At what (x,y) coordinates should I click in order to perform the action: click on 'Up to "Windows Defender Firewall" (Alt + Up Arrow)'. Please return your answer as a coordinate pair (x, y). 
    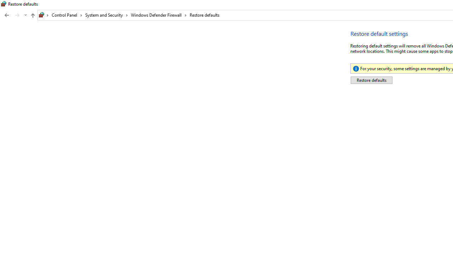
    Looking at the image, I should click on (32, 15).